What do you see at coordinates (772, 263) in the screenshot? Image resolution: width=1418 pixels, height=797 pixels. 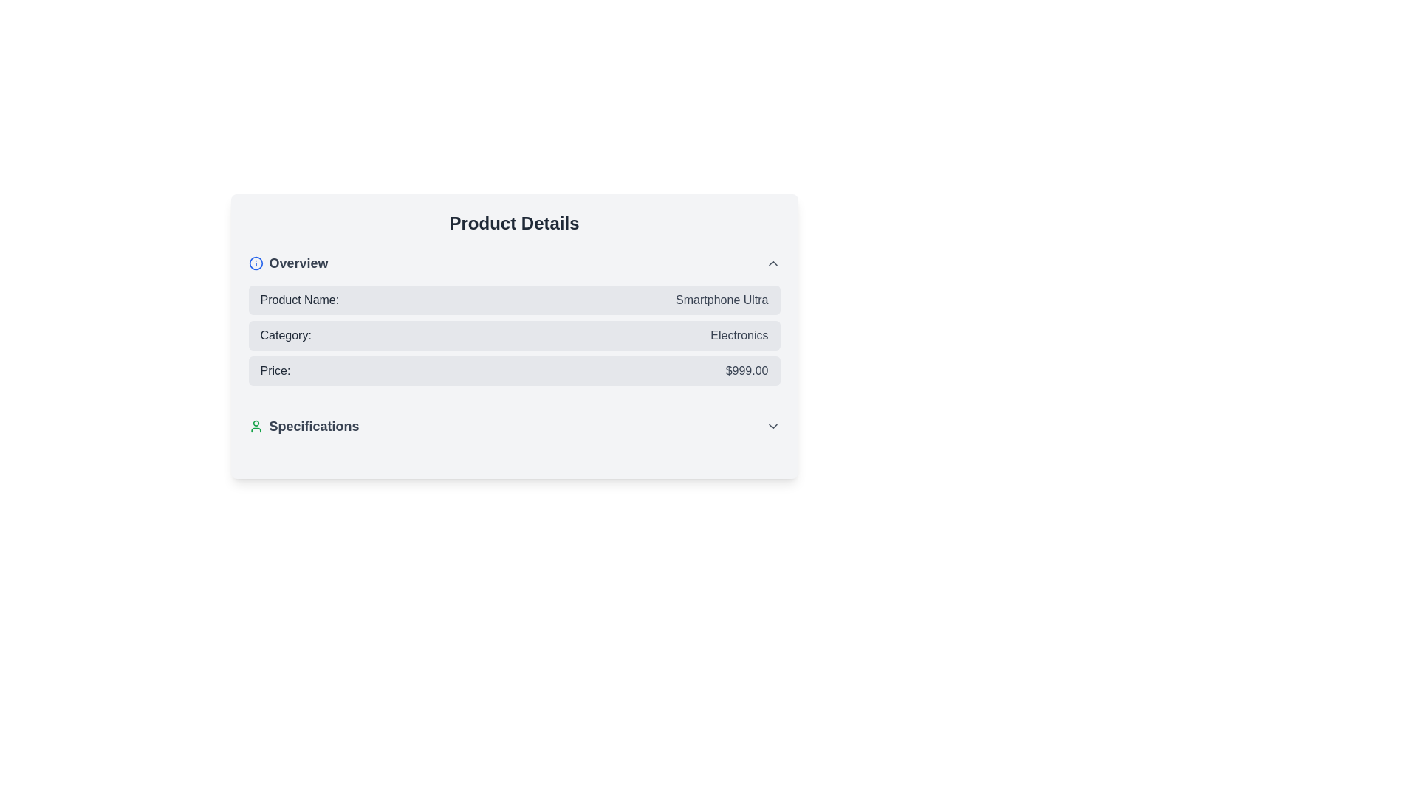 I see `the small upward pointing chevron icon, which is gray and positioned to the far right of the 'Overview' section header` at bounding box center [772, 263].